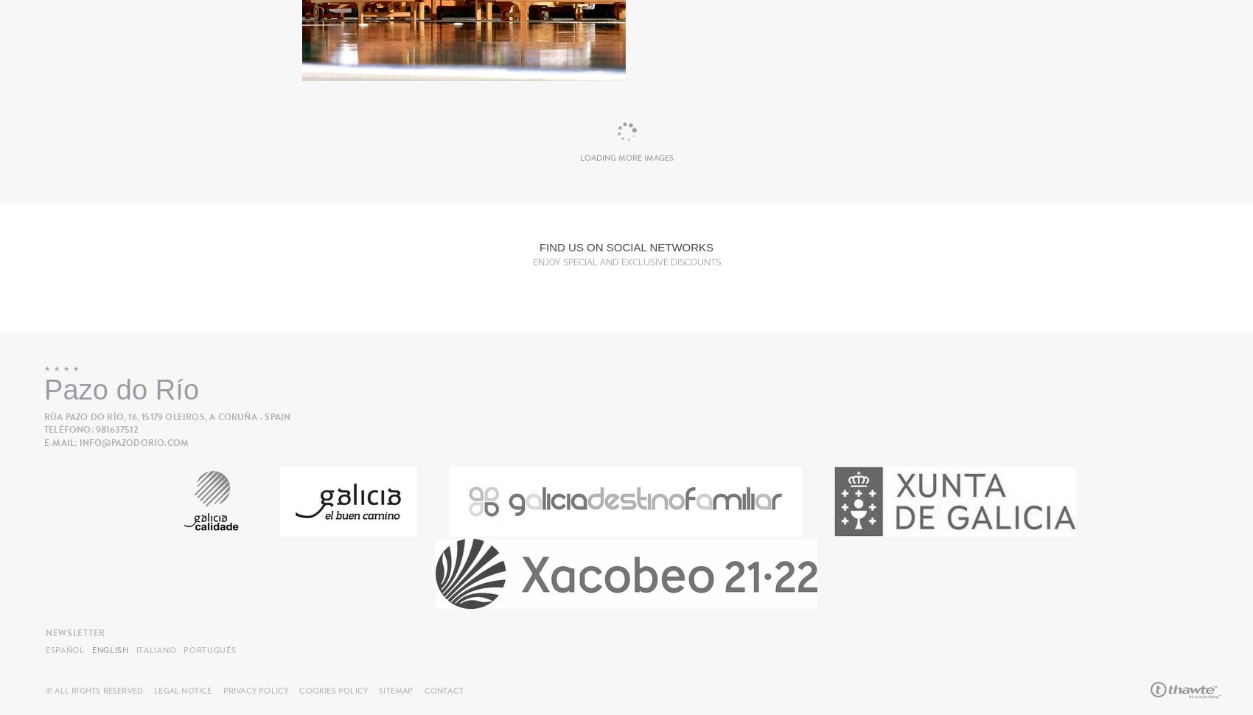 Image resolution: width=1253 pixels, height=715 pixels. What do you see at coordinates (116, 429) in the screenshot?
I see `'981637512'` at bounding box center [116, 429].